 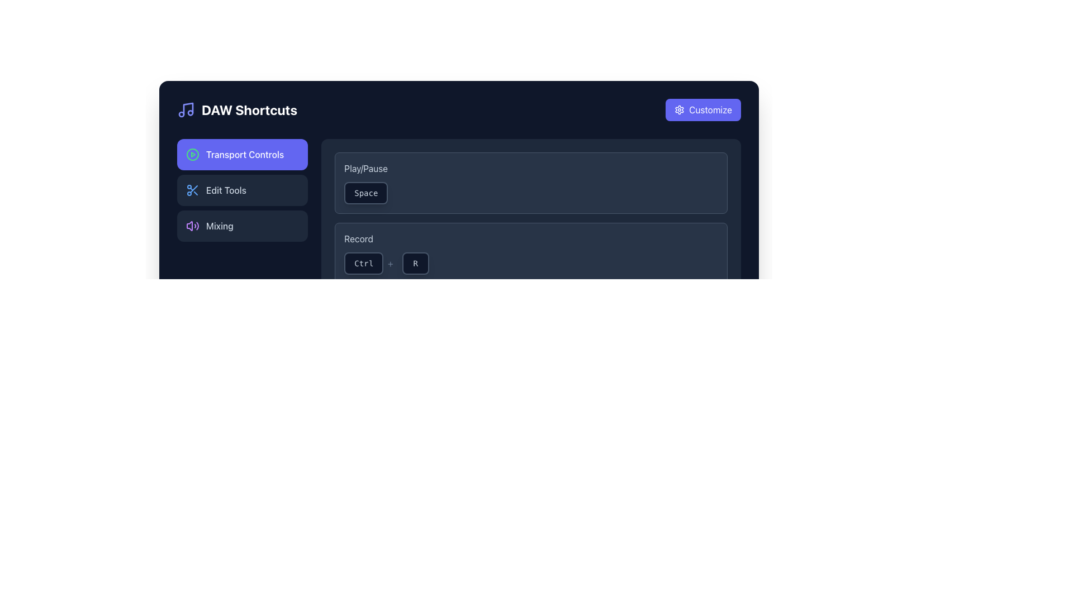 I want to click on the 'Ctrl' key visual element that is part of the 'Record' shortcut representation, so click(x=371, y=263).